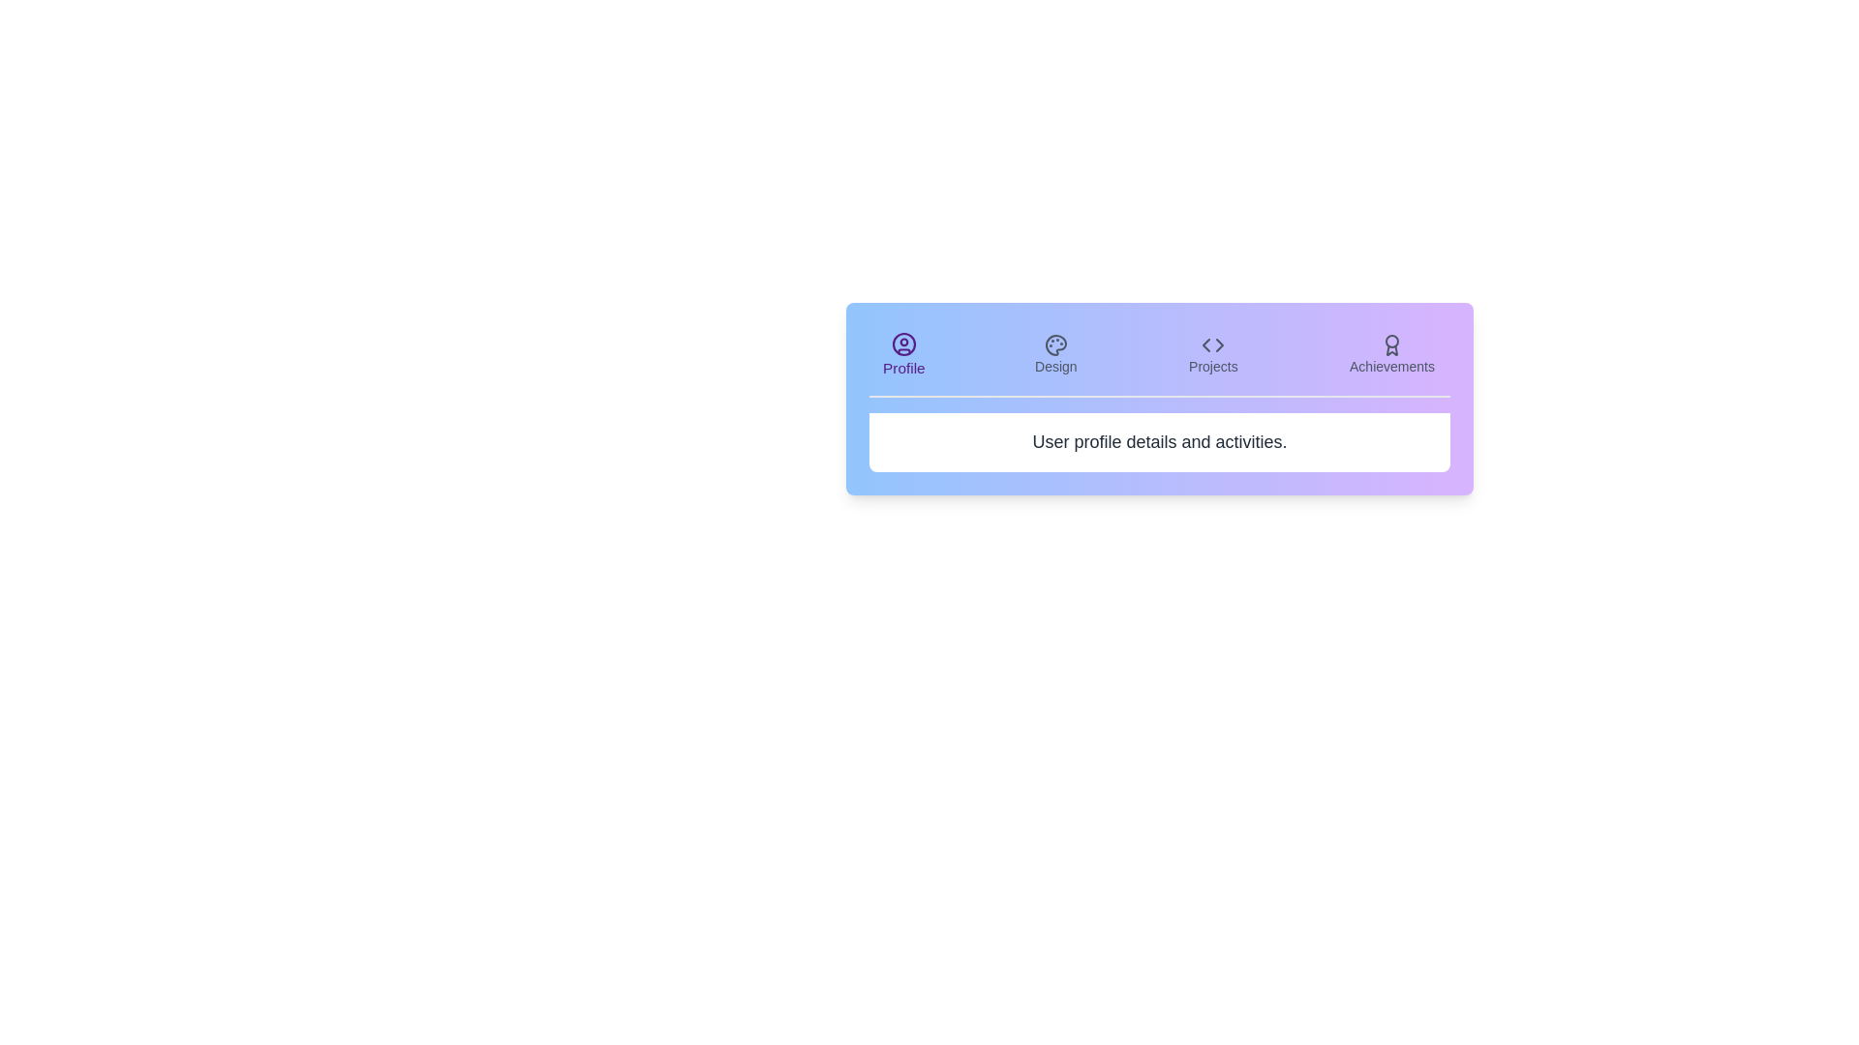  What do you see at coordinates (1391, 354) in the screenshot?
I see `the tab labeled Achievements to view its content` at bounding box center [1391, 354].